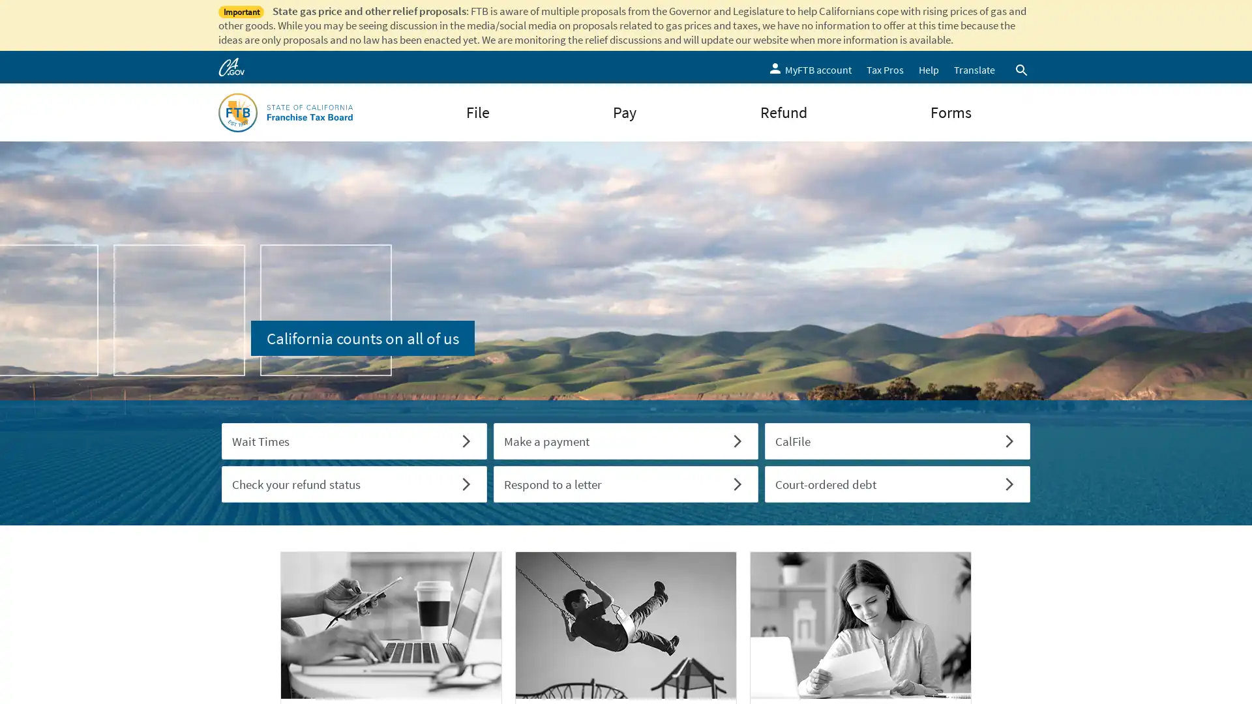 This screenshot has height=704, width=1252. What do you see at coordinates (1020, 70) in the screenshot?
I see `Open search` at bounding box center [1020, 70].